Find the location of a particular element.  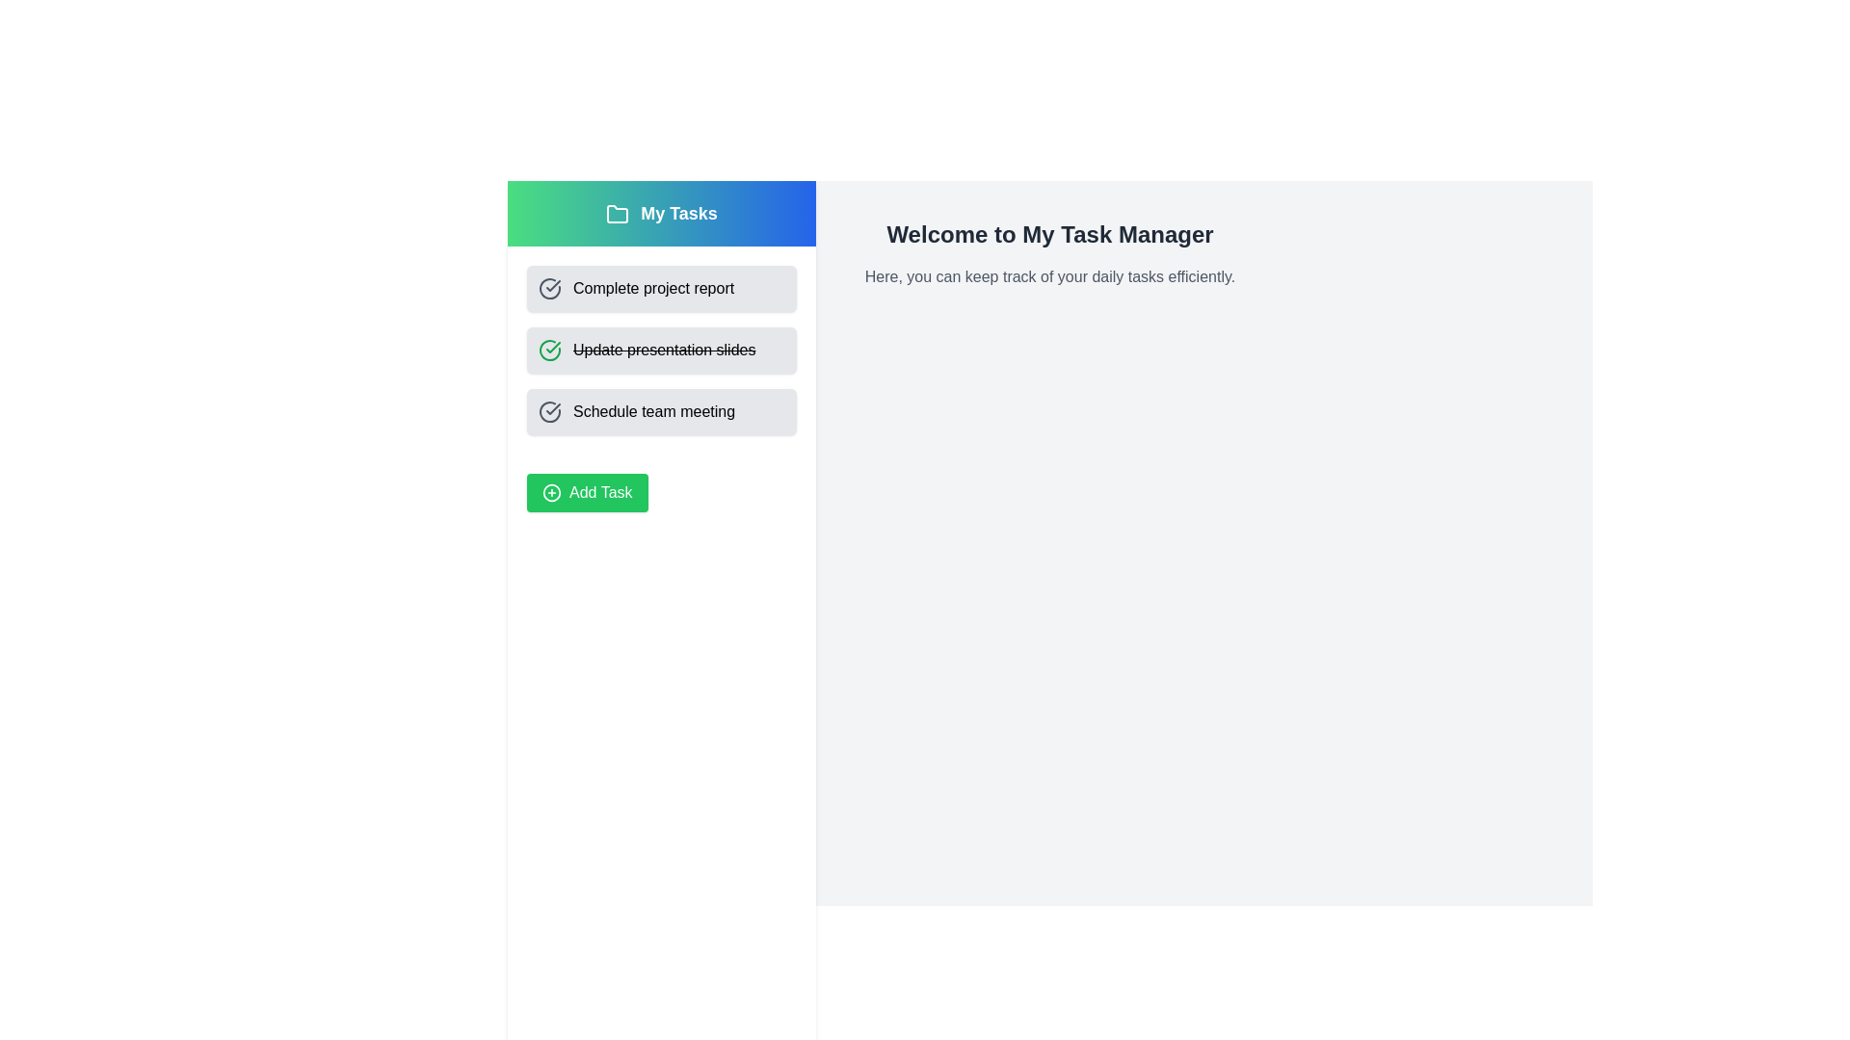

the 'Add Task' button to initiate adding a new task is located at coordinates (586, 492).